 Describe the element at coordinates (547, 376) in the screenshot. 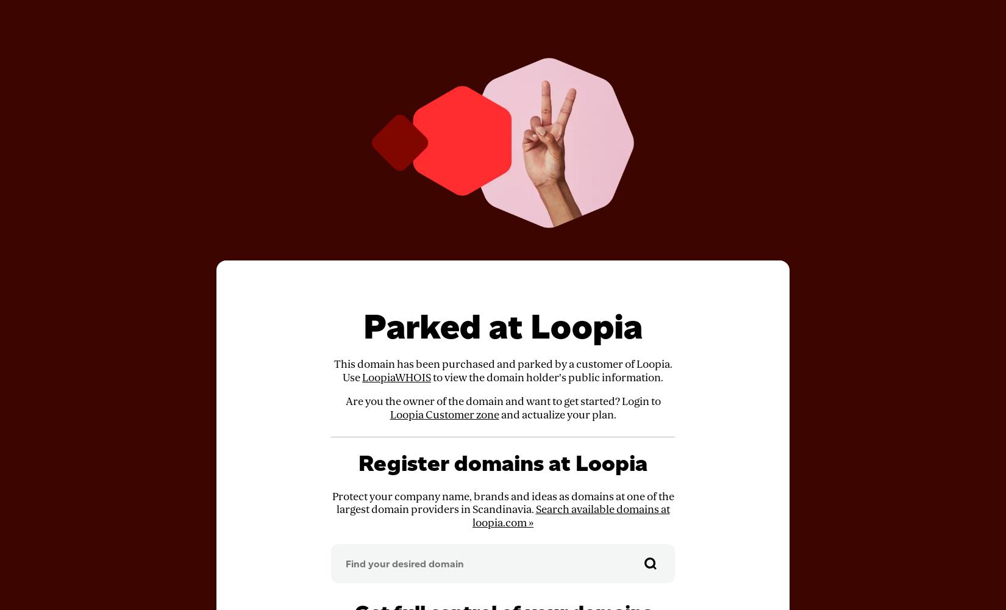

I see `'to view the domain holder's public information.'` at that location.